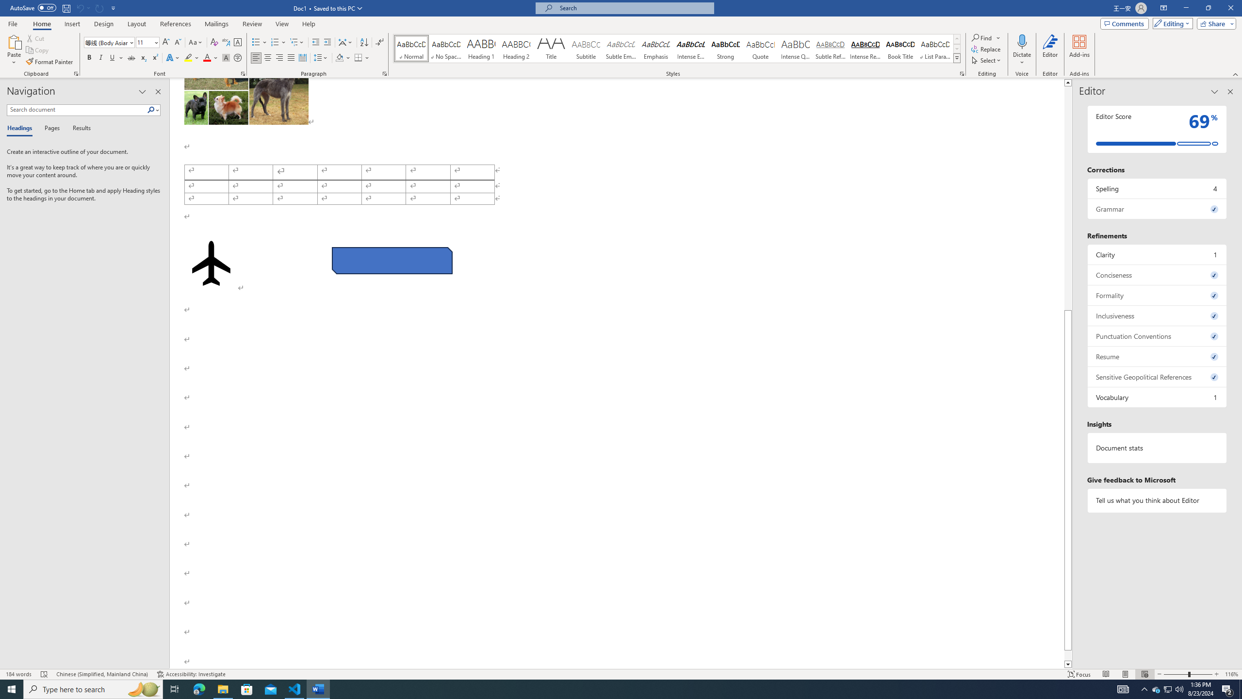  Describe the element at coordinates (621, 48) in the screenshot. I see `'Subtle Emphasis'` at that location.